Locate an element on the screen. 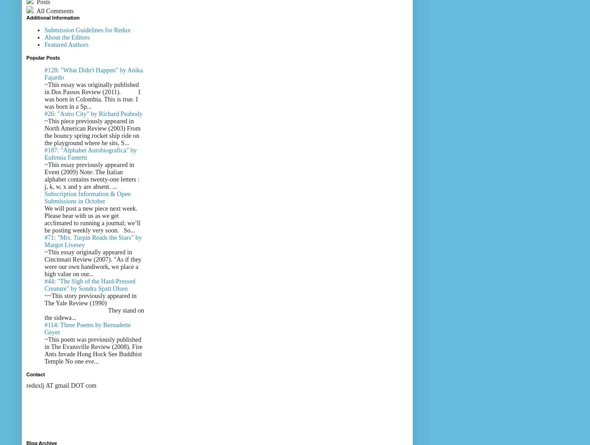 This screenshot has width=590, height=445. '~This essay previously appeared in Event  (2009)     Note: The Italian alphabet contains twenty-one letters : j, k, w, x and y are absent. ...' is located at coordinates (92, 175).